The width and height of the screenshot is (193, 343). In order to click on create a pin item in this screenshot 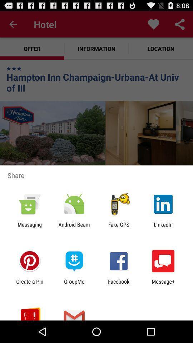, I will do `click(29, 284)`.